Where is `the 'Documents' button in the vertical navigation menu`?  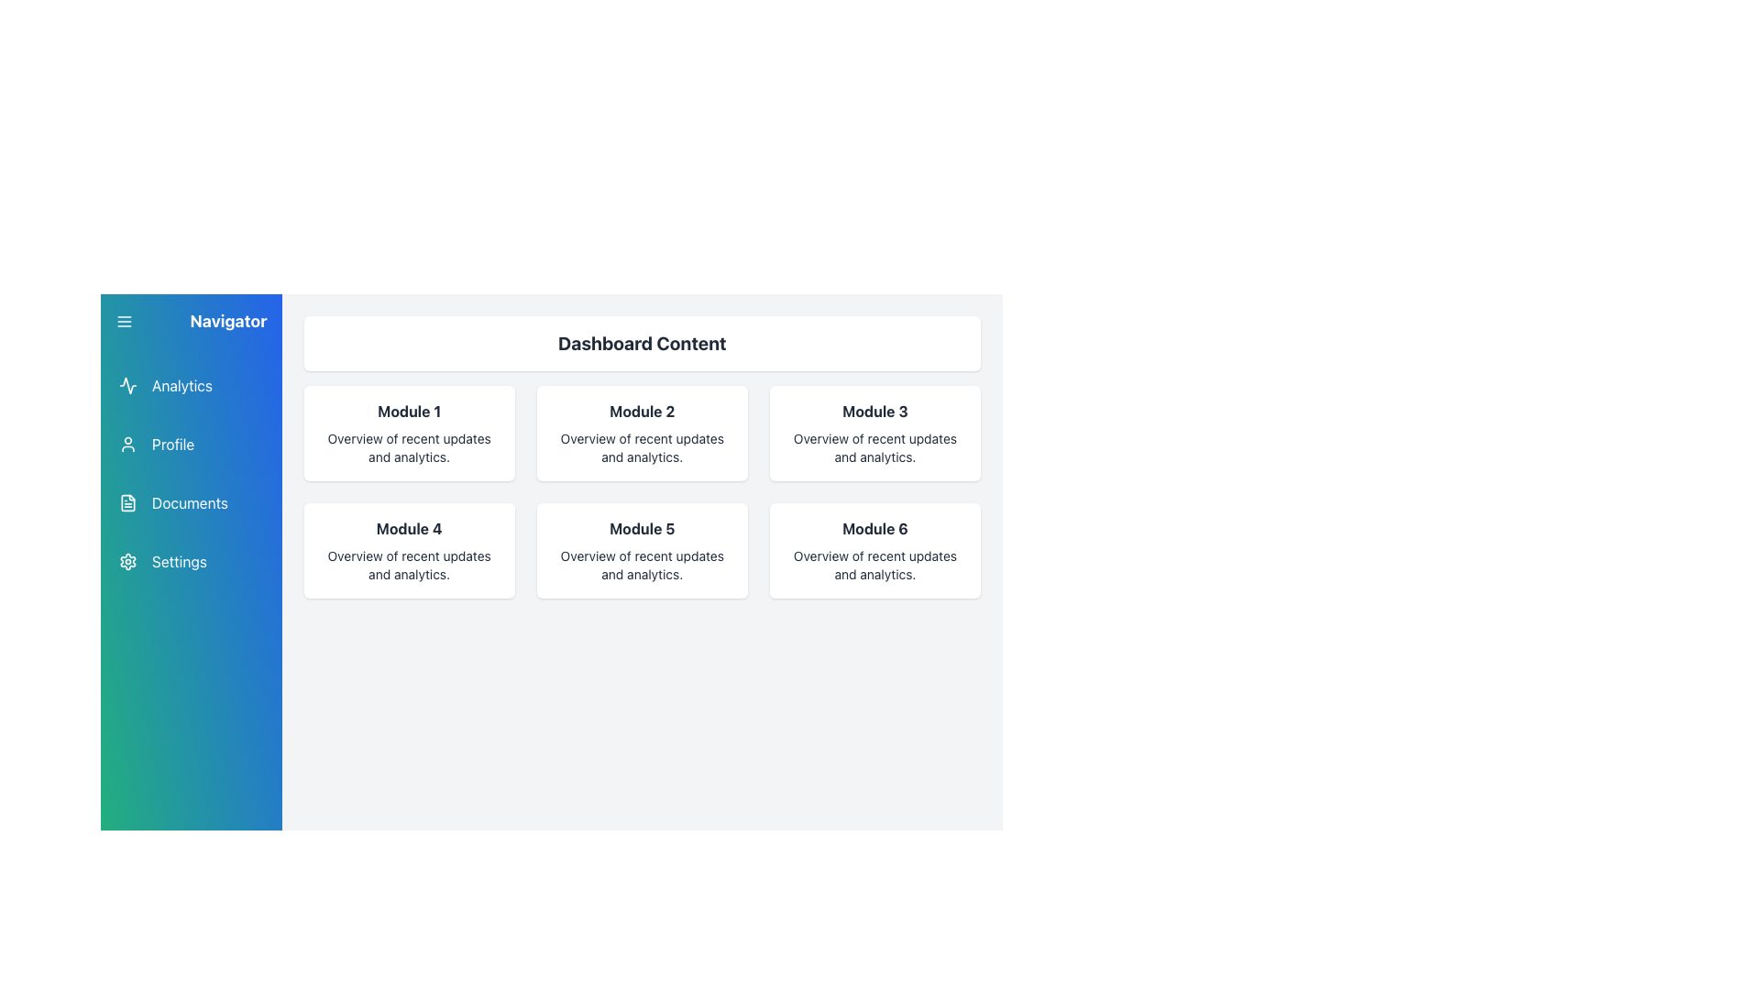 the 'Documents' button in the vertical navigation menu is located at coordinates (191, 502).